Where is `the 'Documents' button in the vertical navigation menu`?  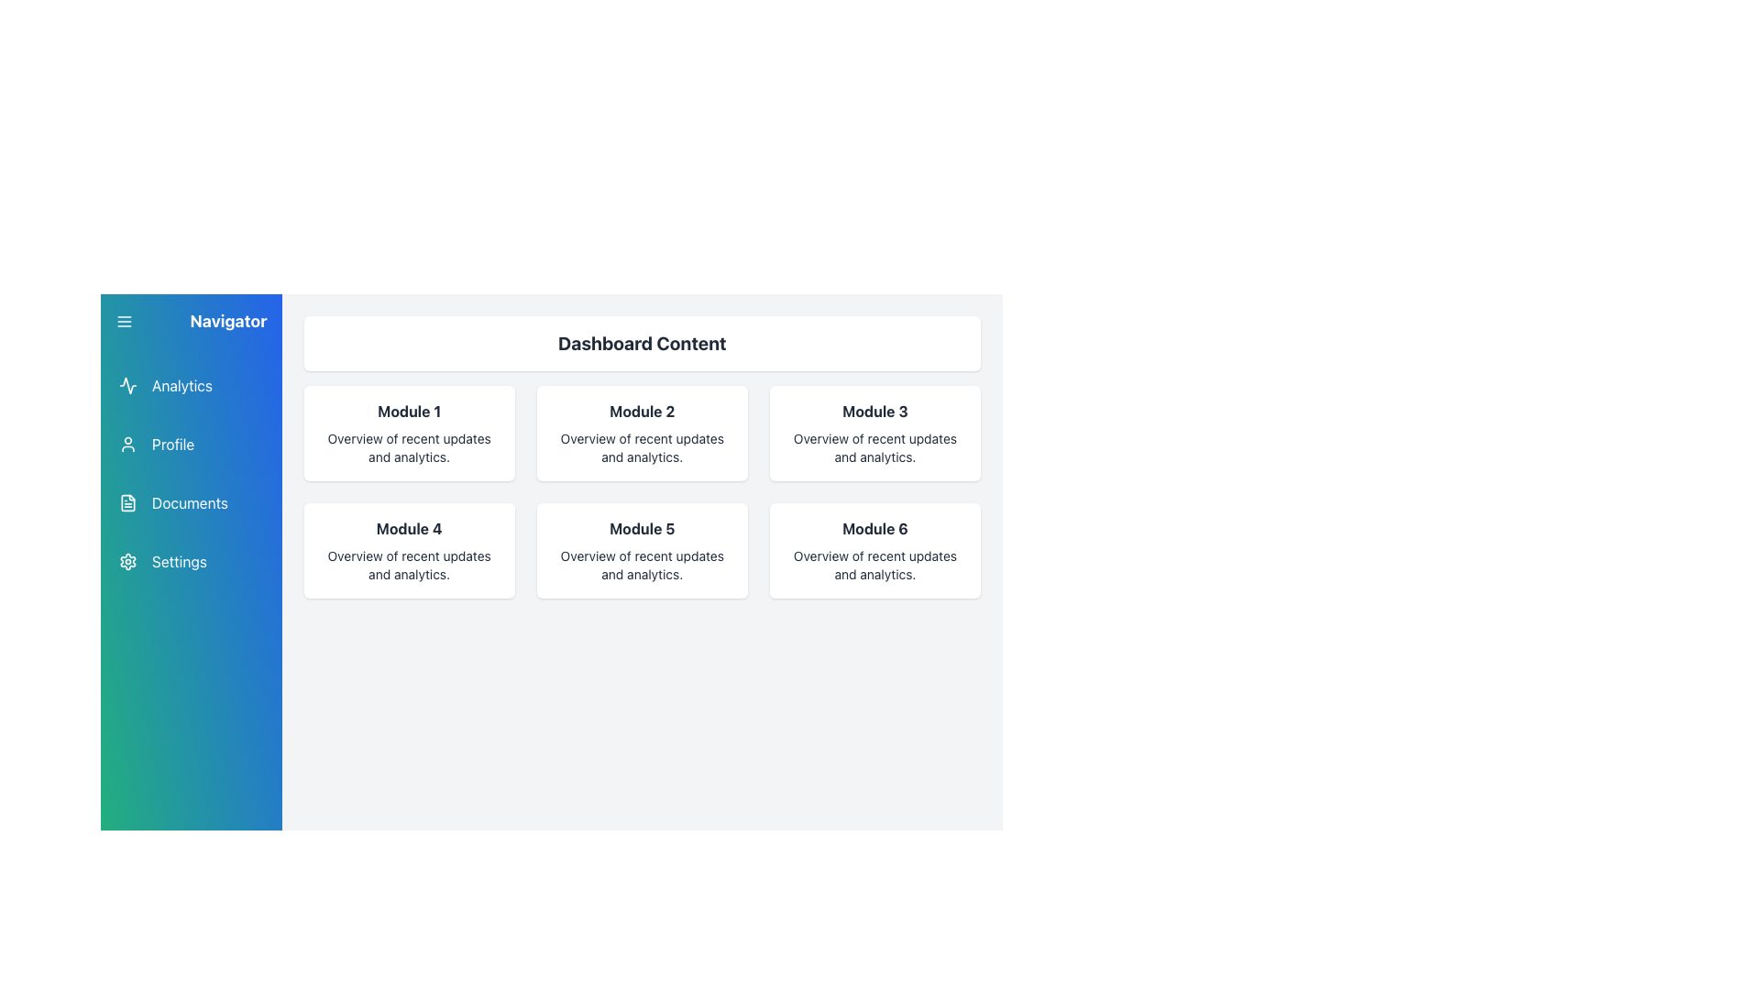 the 'Documents' button in the vertical navigation menu is located at coordinates (191, 502).